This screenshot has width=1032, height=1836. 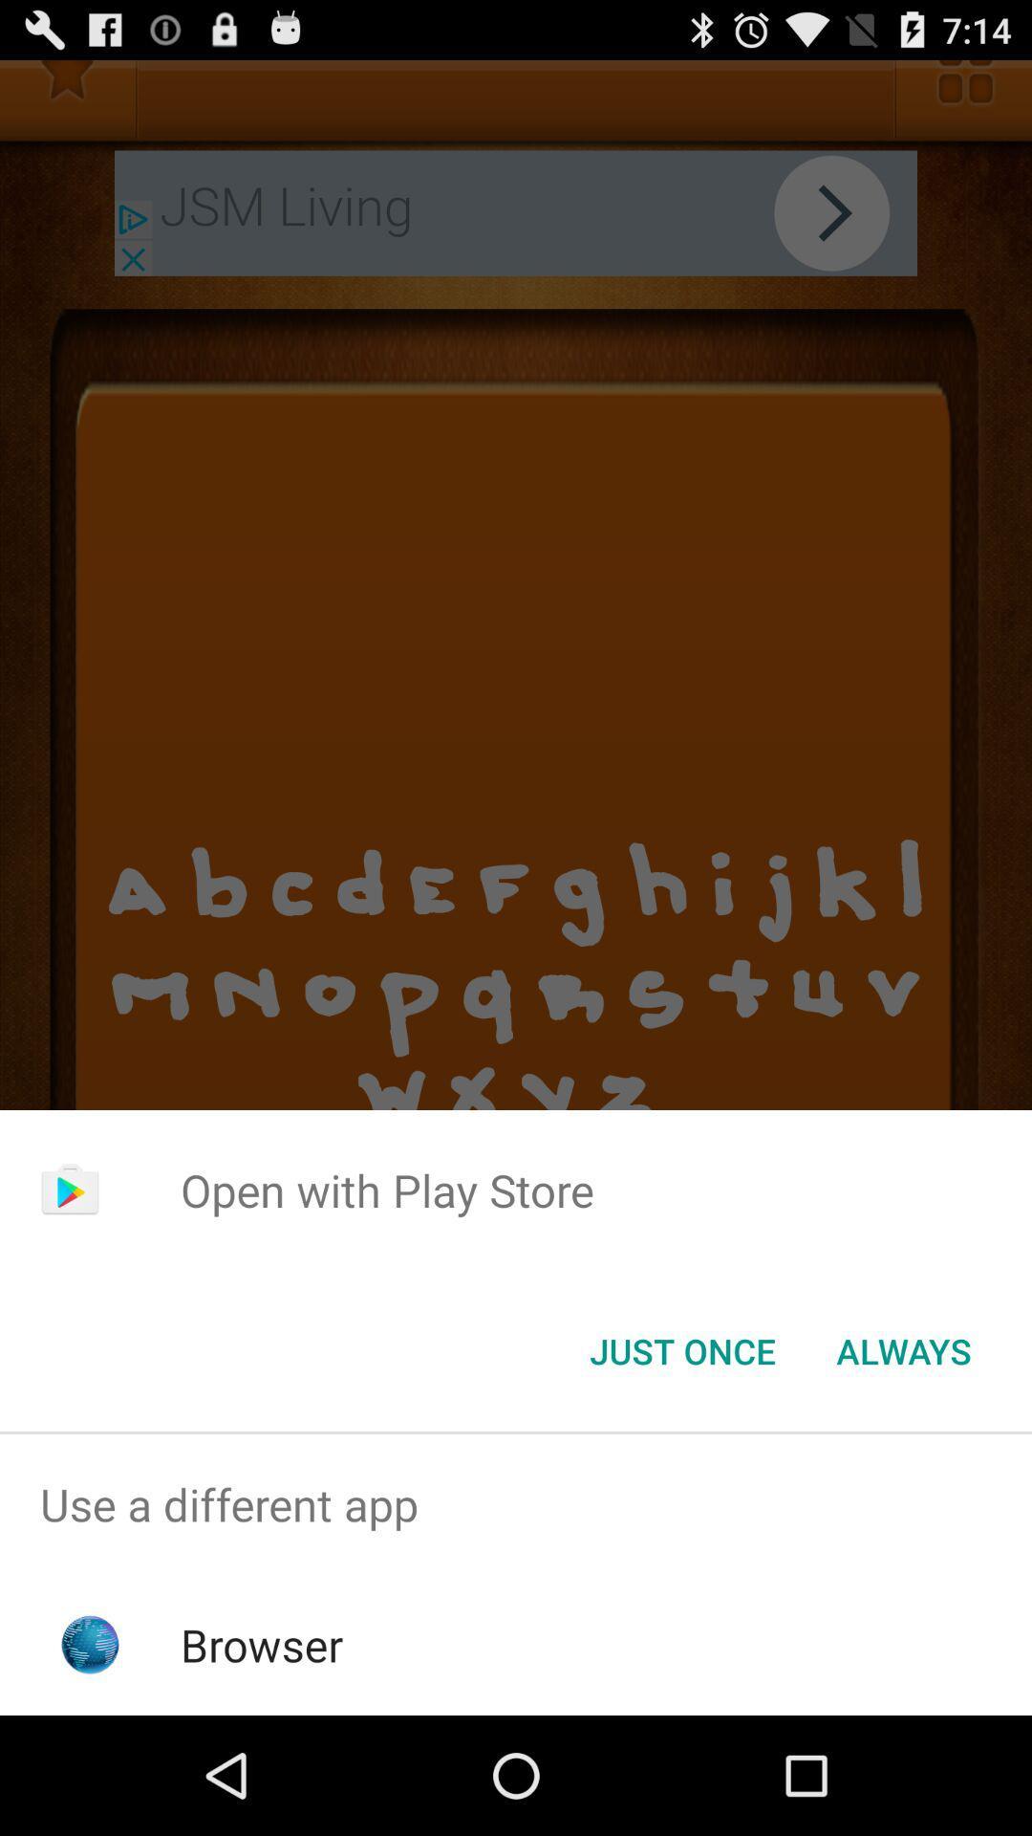 I want to click on the browser item, so click(x=262, y=1644).